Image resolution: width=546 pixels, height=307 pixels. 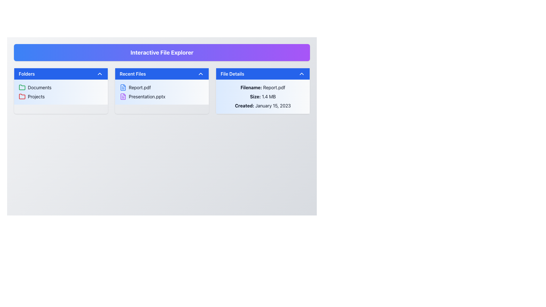 What do you see at coordinates (100, 73) in the screenshot?
I see `the upward-facing chevron arrow icon located in the top-right corner of the 'Folders' card header` at bounding box center [100, 73].